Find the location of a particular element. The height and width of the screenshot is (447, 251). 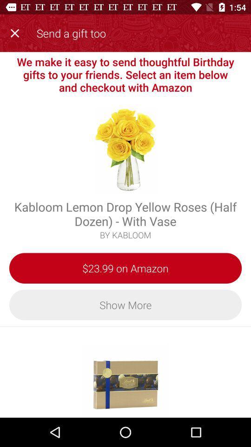

item next to the send a gift is located at coordinates (17, 32).